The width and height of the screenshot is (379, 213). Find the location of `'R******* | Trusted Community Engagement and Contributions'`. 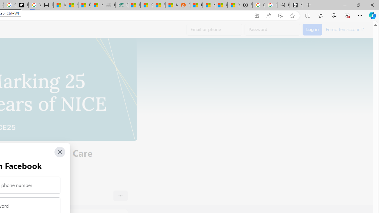

'R******* | Trusted Community Engagement and Contributions' is located at coordinates (196, 5).